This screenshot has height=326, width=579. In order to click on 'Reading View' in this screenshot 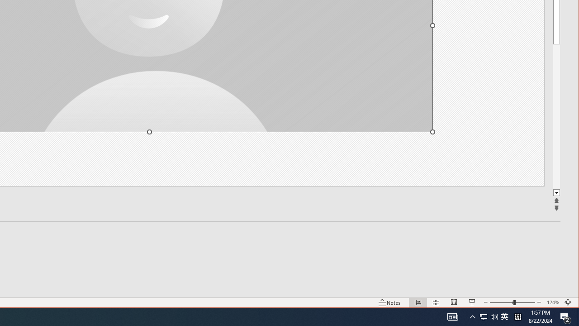, I will do `click(454, 302)`.